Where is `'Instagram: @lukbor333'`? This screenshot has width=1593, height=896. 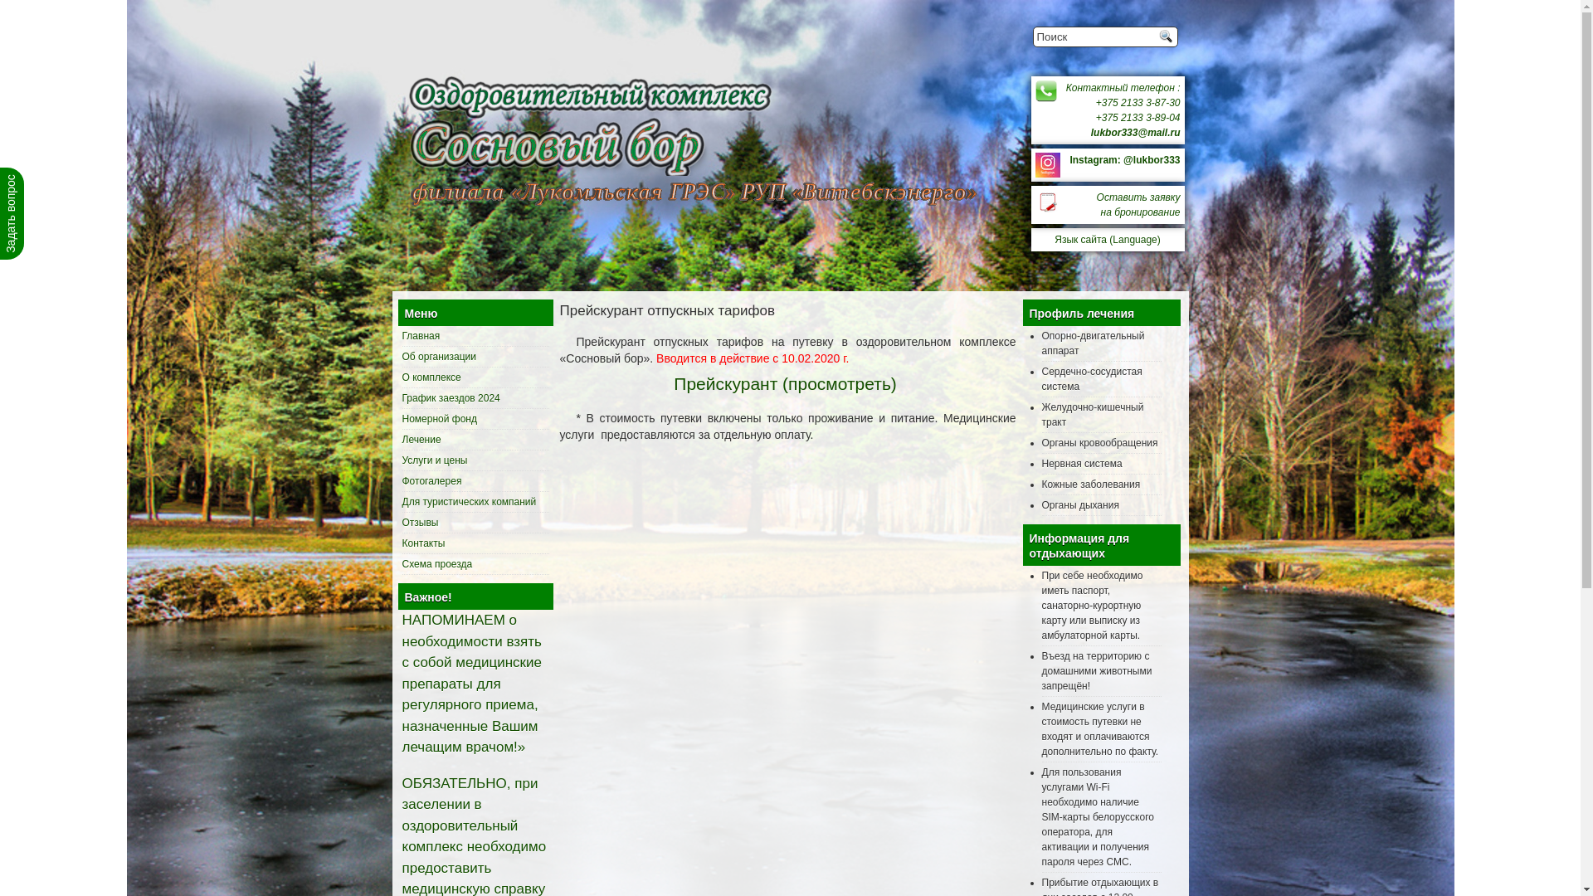
'Instagram: @lukbor333' is located at coordinates (1124, 159).